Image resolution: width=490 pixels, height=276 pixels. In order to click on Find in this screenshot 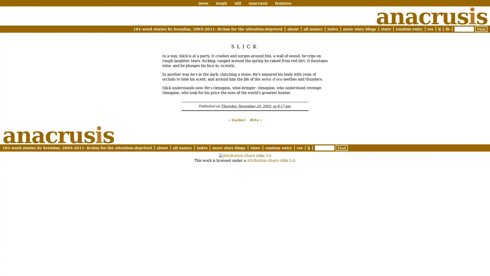, I will do `click(481, 29)`.